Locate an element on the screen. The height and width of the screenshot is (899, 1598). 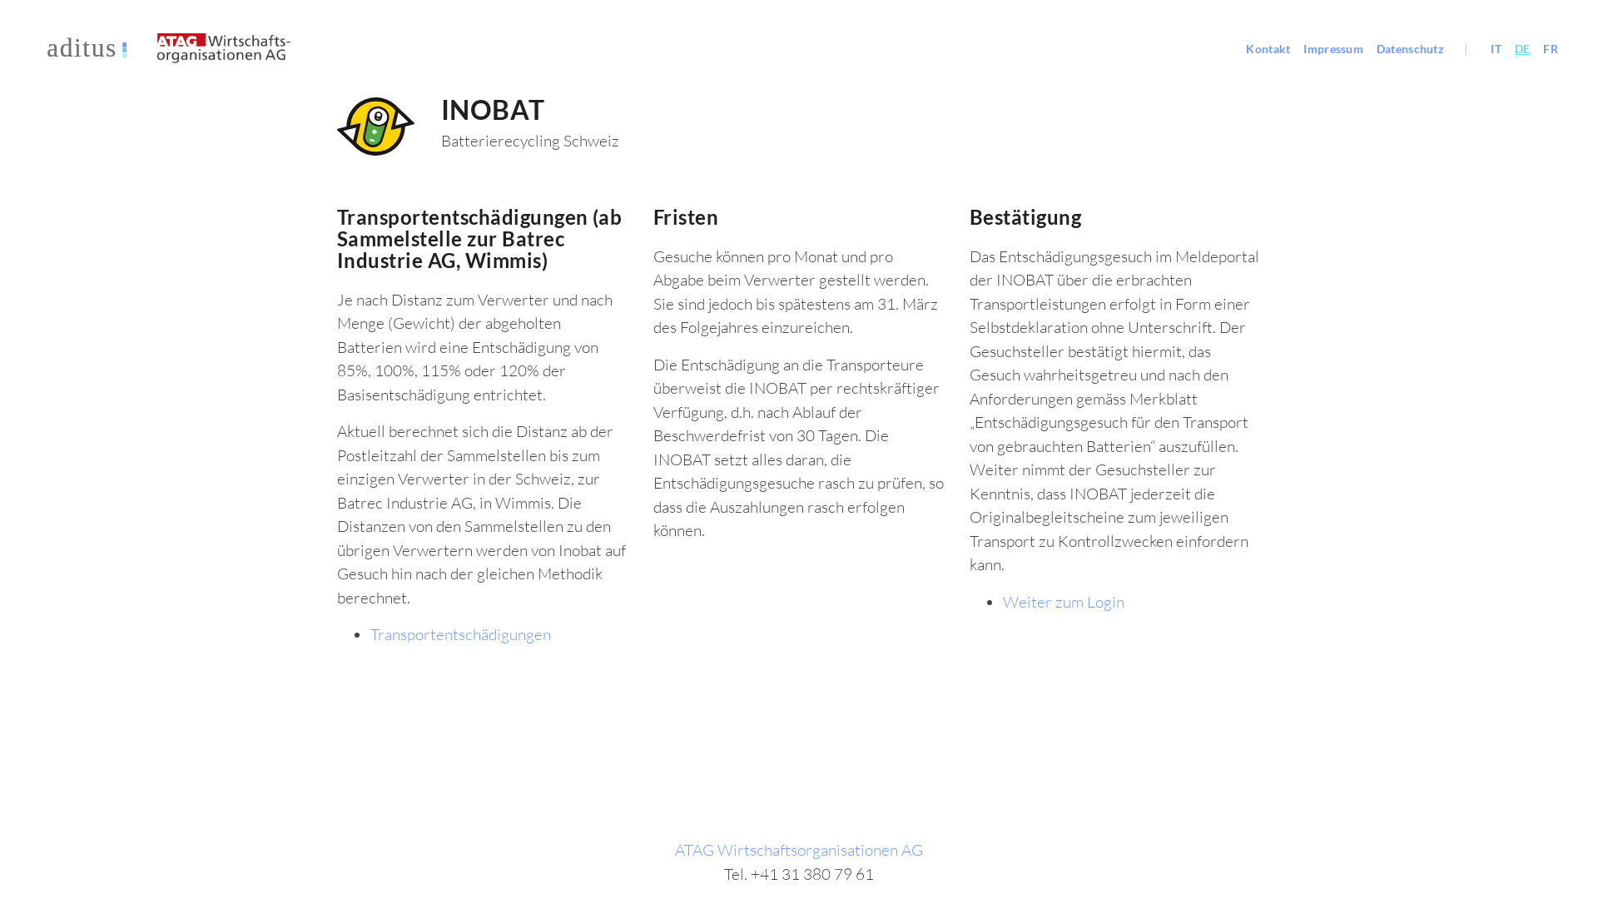
'Impressum' is located at coordinates (1296, 47).